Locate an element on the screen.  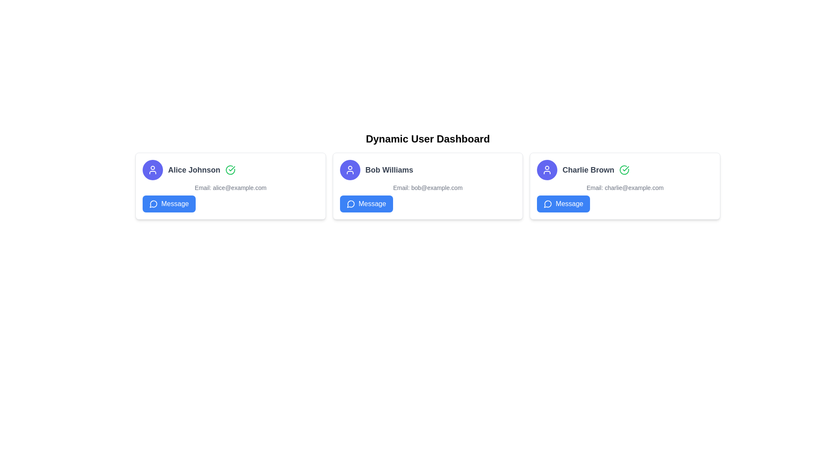
the card displaying 'Bob Williams' with an avatar icon and a blue 'Message' button at the bottom is located at coordinates (428, 186).